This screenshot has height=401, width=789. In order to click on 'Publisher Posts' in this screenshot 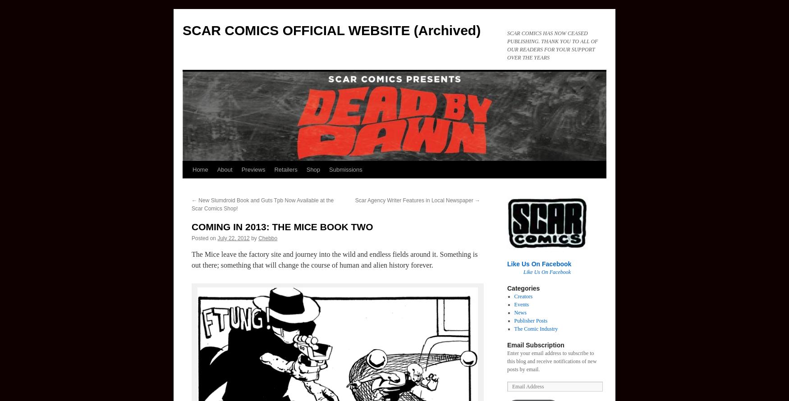, I will do `click(530, 320)`.